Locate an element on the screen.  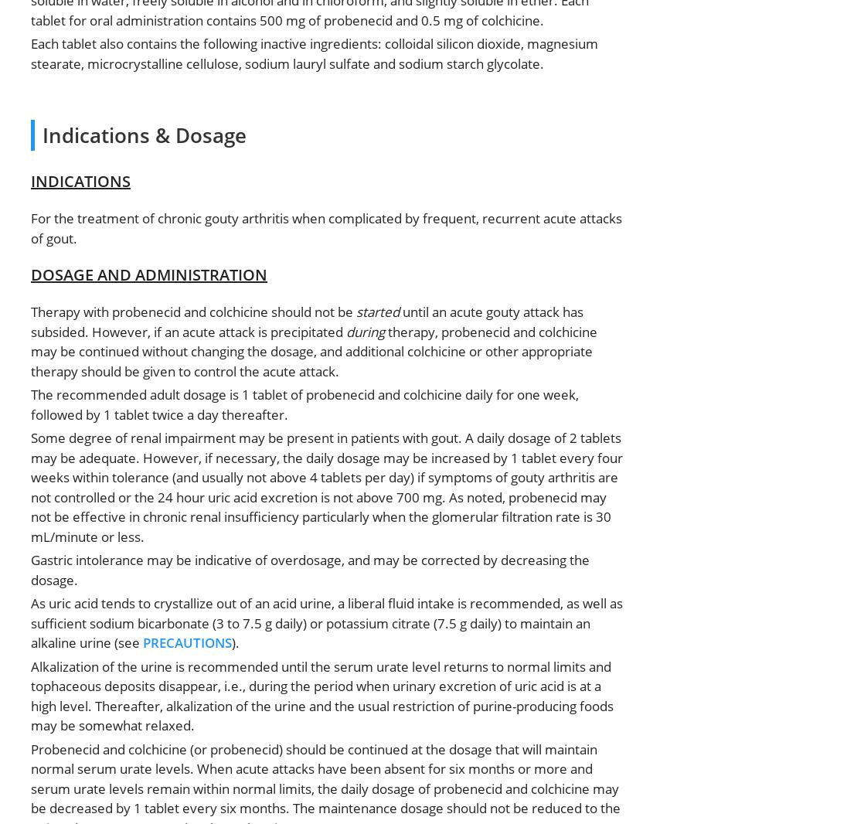
'Therapy with probenecid and colchicine should not be' is located at coordinates (192, 312).